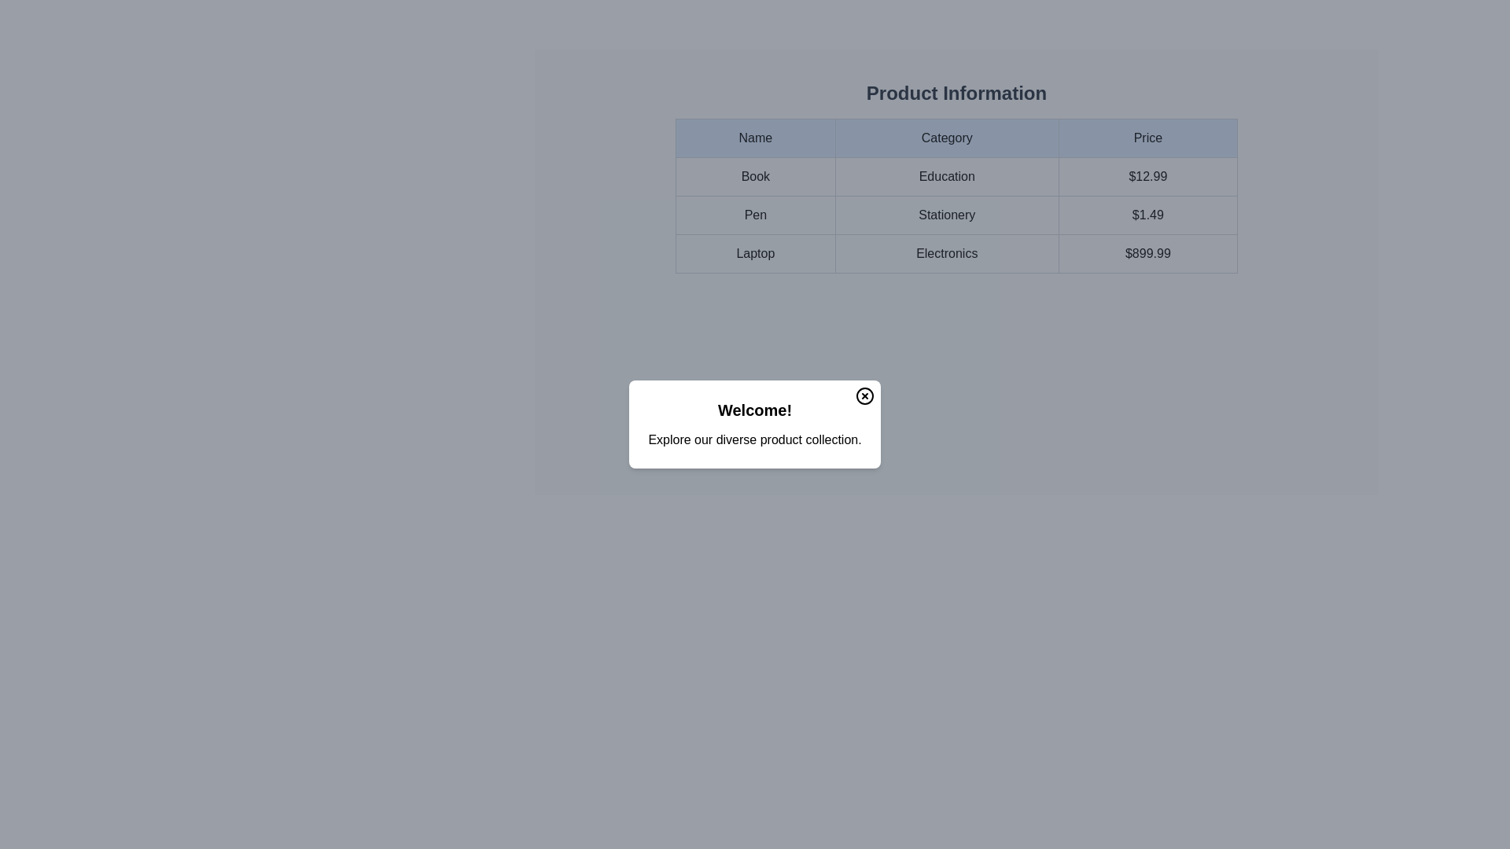 The height and width of the screenshot is (849, 1510). Describe the element at coordinates (1147, 215) in the screenshot. I see `the price label displaying '$1.49' in black text located in the last column of the second row of the table for the 'Stationery' category` at that location.